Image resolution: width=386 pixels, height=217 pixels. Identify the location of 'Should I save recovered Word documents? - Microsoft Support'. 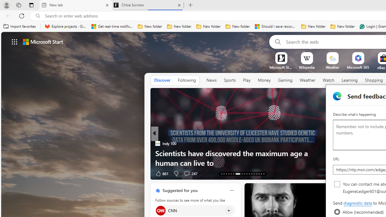
(275, 26).